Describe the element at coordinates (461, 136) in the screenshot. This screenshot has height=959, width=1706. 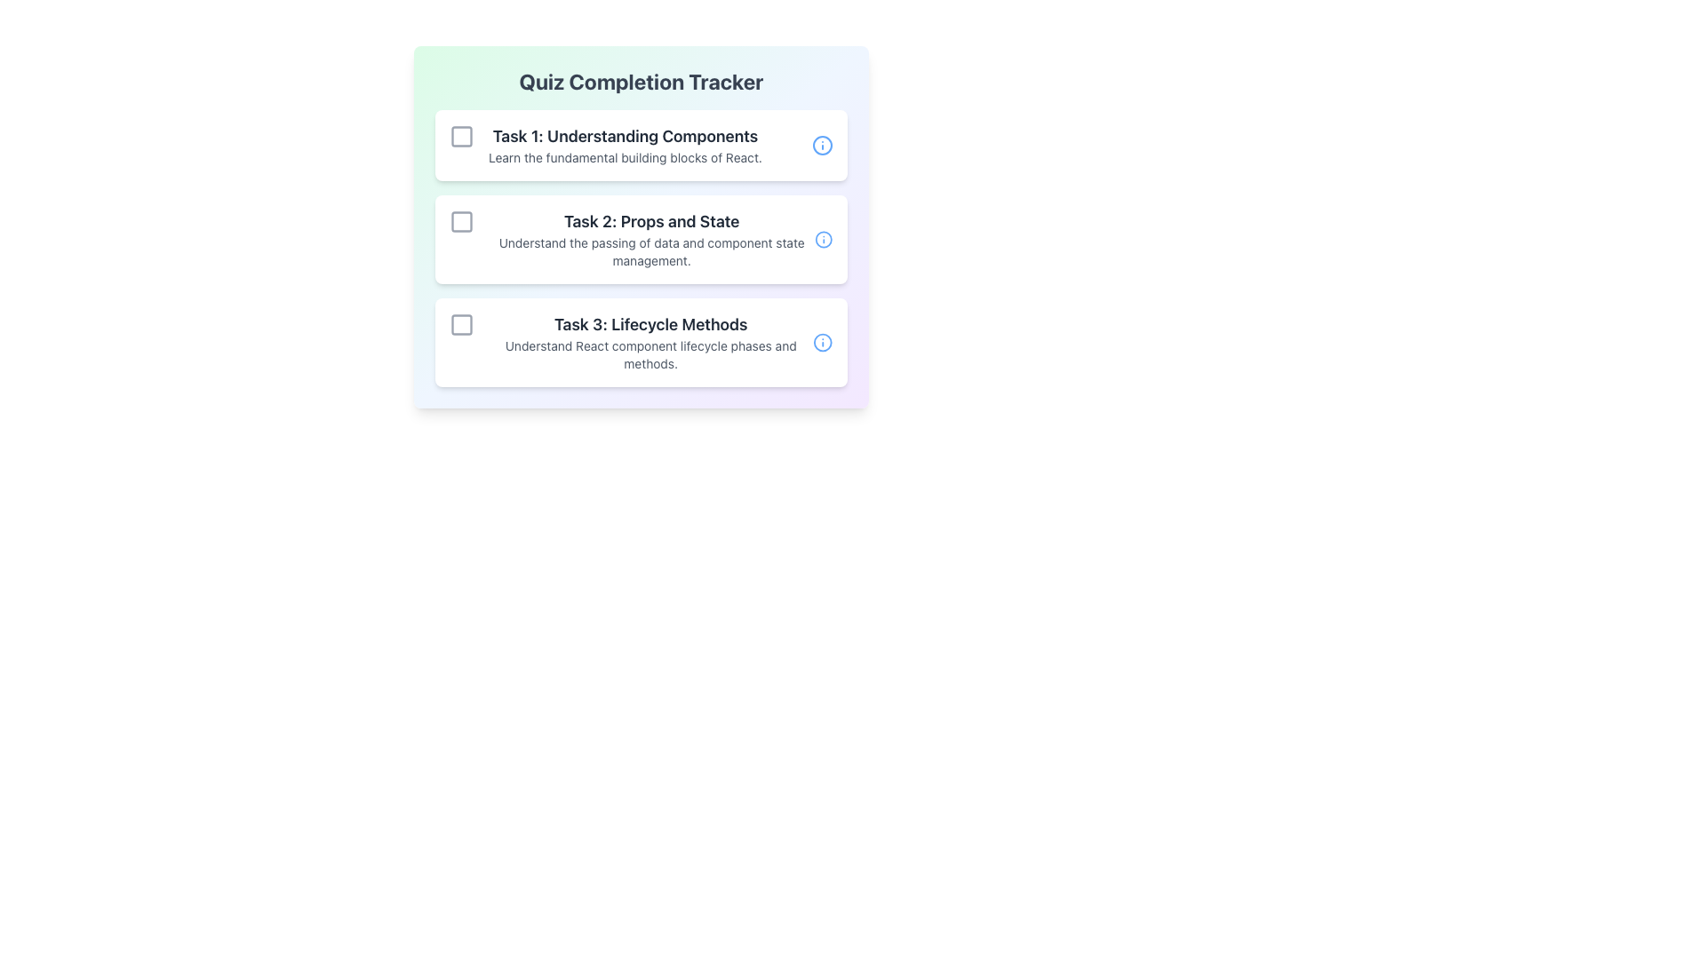
I see `the checkbox located to the left of 'Task 1: Understanding Components'` at that location.